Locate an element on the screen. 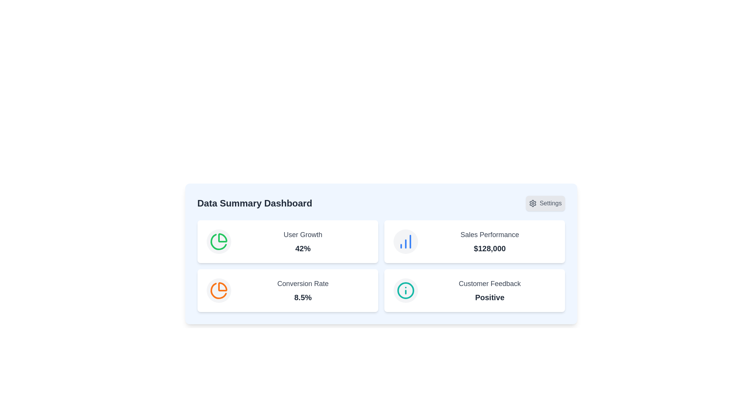 This screenshot has width=735, height=413. the static text label indicating positive sentiment related to 'Customer Feedback', located in the bottom-right quadrant of the dashboard layout is located at coordinates (489, 297).